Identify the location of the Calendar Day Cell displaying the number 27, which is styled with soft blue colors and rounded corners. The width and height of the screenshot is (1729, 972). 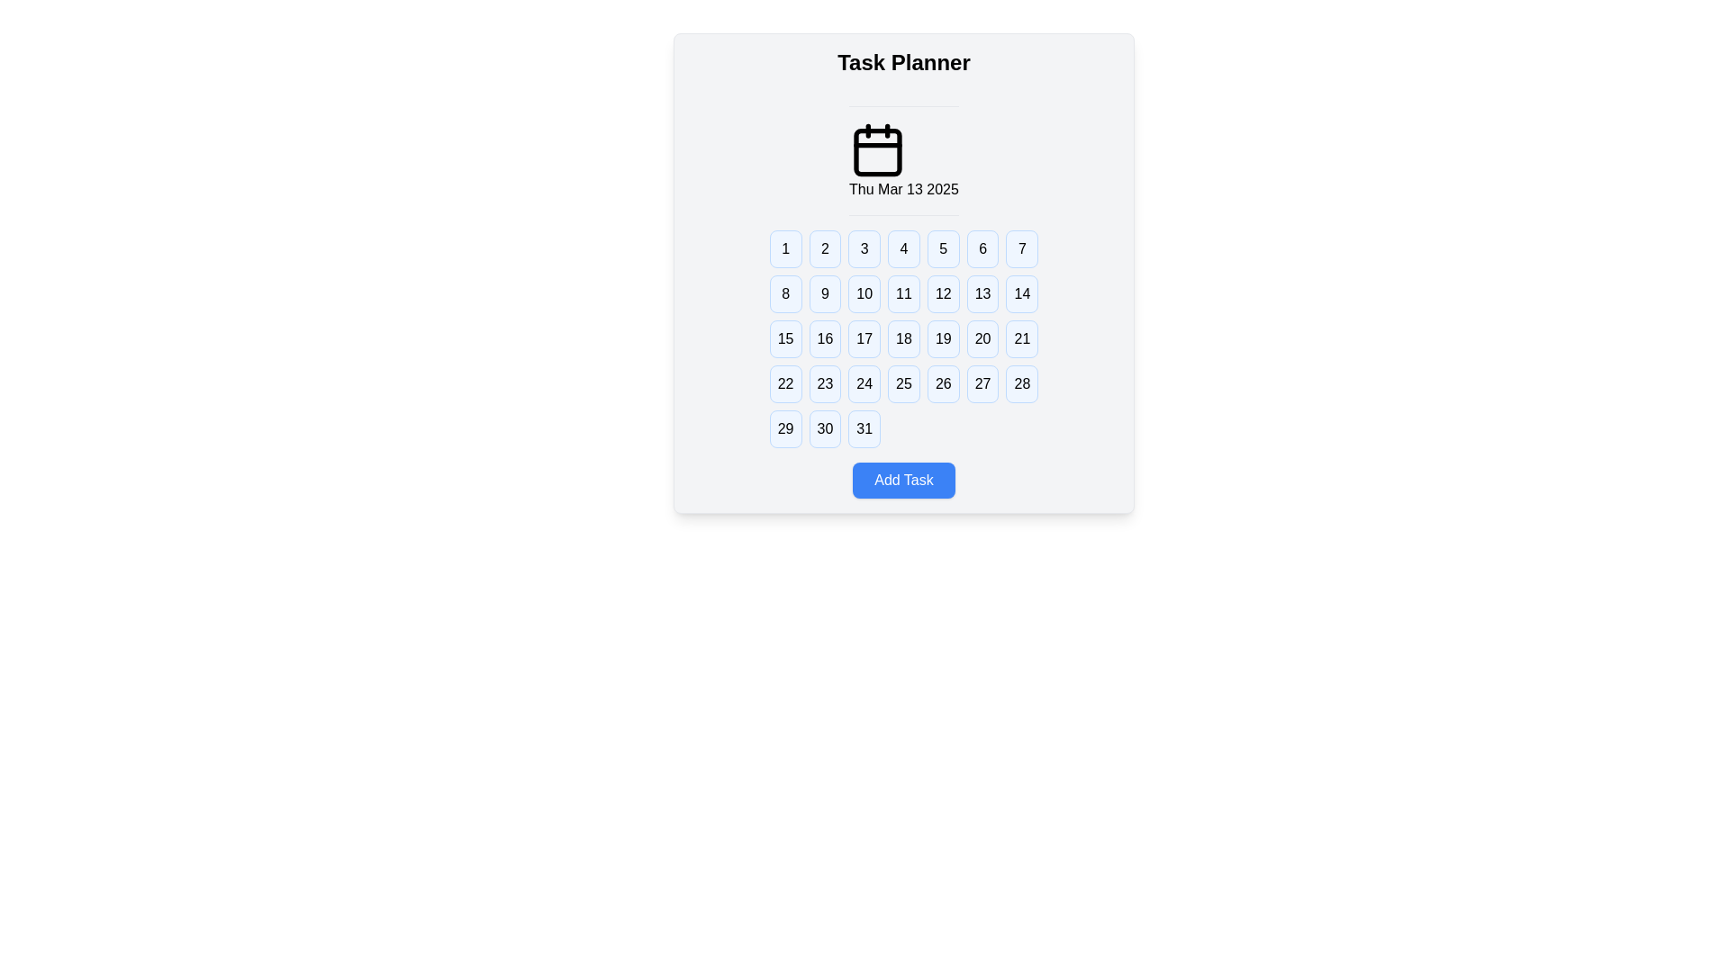
(982, 383).